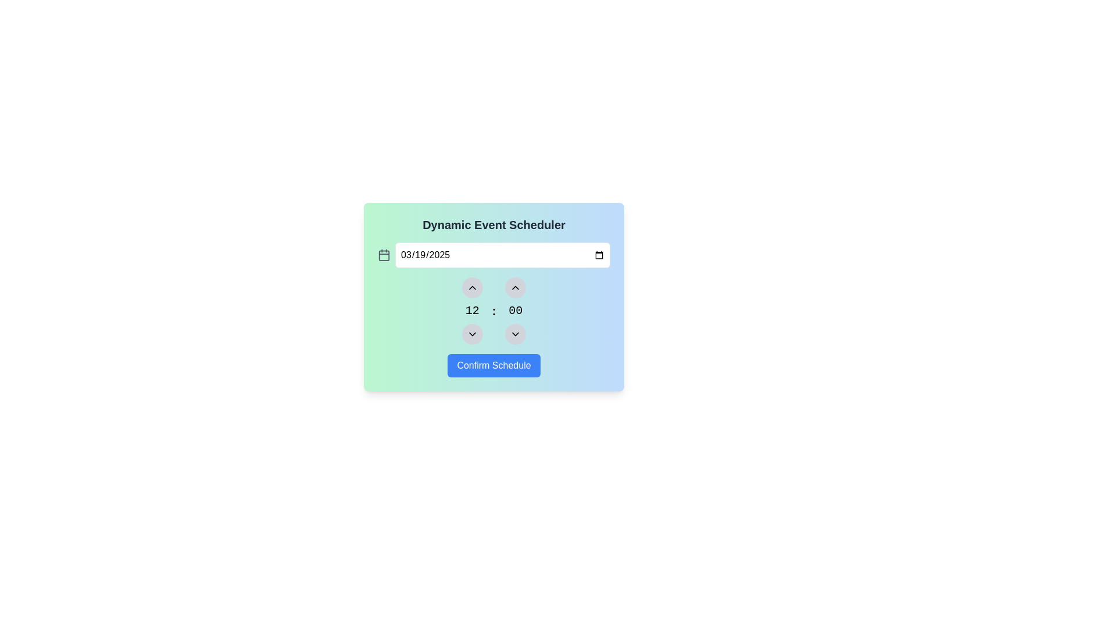 Image resolution: width=1116 pixels, height=628 pixels. I want to click on the bold character ':' located between the numeric values '12' and '00' in the time selector layout, so click(493, 311).